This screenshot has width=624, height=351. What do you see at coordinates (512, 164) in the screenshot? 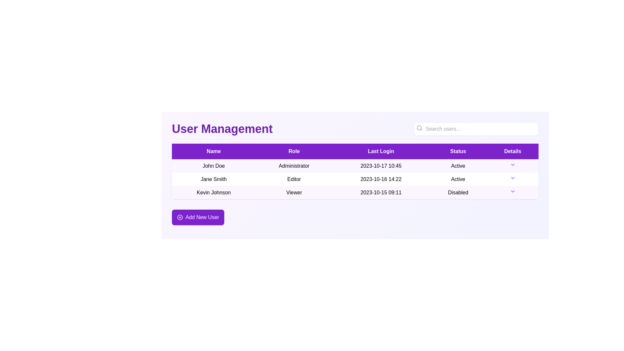
I see `the purple chevron-down icon, which serves as the Dropdown Trigger Icon located under the 'Details' column of the first row in a table layout` at bounding box center [512, 164].